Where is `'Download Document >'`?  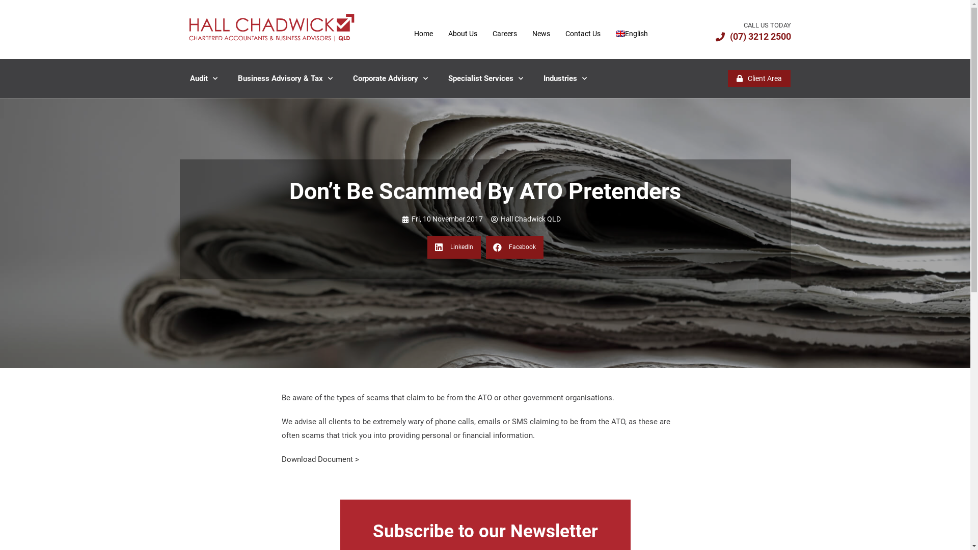
'Download Document >' is located at coordinates (281, 459).